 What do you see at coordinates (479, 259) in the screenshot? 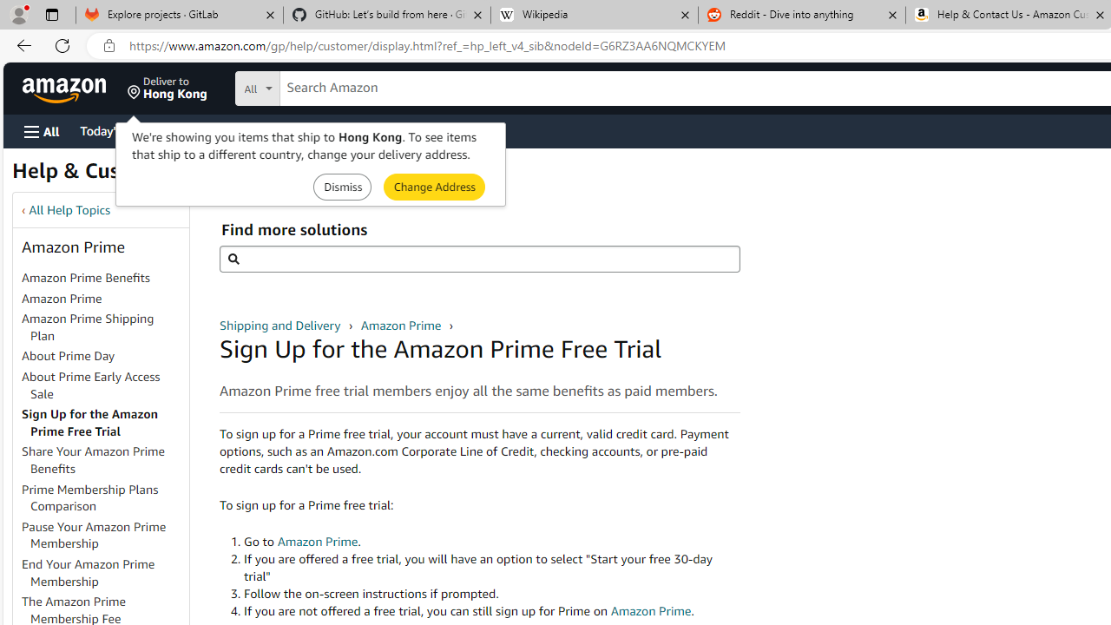
I see `'Find more solutions'` at bounding box center [479, 259].